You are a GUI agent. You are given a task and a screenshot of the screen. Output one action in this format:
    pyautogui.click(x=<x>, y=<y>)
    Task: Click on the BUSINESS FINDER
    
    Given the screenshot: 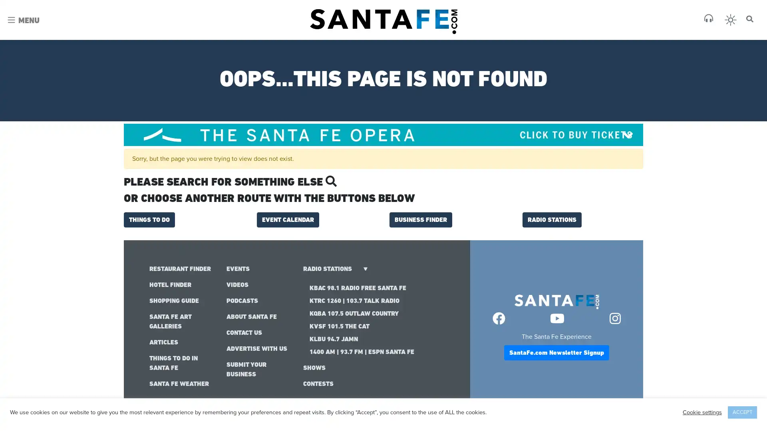 What is the action you would take?
    pyautogui.click(x=420, y=219)
    